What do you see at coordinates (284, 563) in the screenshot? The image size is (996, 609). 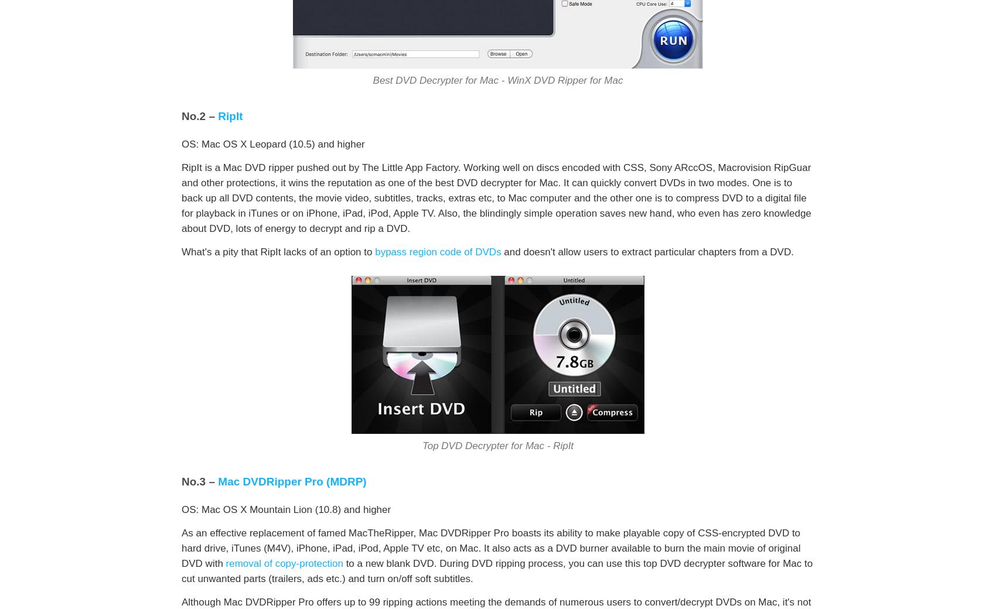 I see `'removal of copy-protection'` at bounding box center [284, 563].